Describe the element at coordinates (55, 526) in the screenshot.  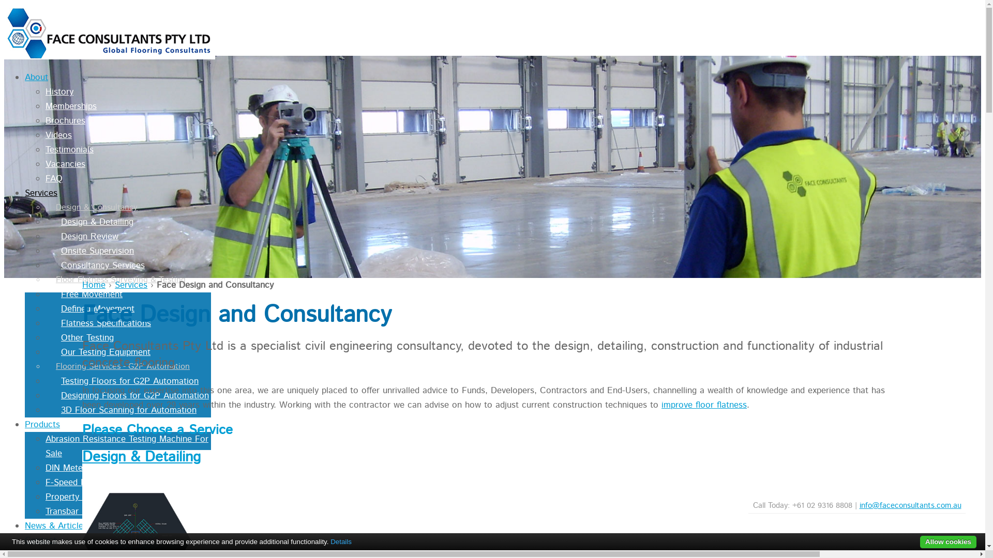
I see `'News & Articles'` at that location.